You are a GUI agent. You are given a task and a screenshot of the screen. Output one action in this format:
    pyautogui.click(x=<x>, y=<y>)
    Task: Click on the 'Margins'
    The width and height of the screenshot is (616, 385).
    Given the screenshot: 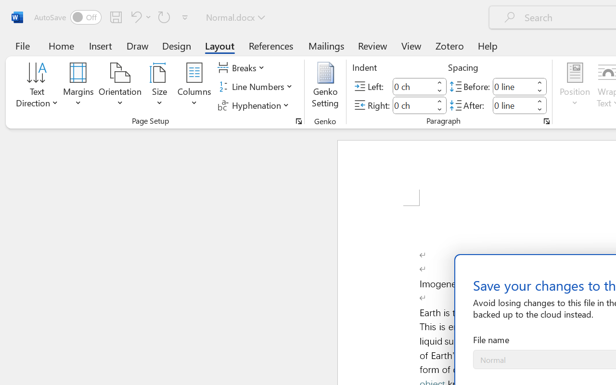 What is the action you would take?
    pyautogui.click(x=78, y=86)
    